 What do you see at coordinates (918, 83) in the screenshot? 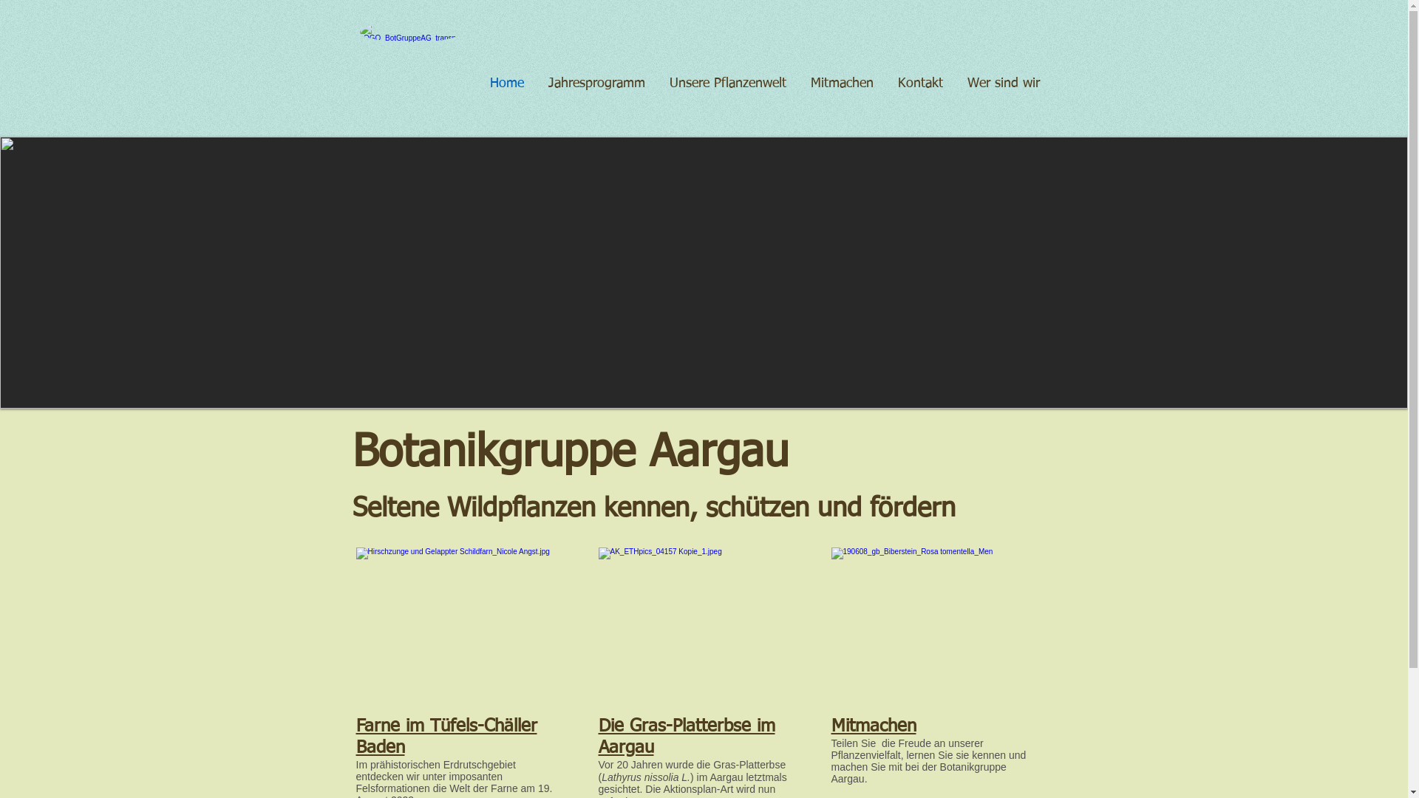
I see `'Kontakt'` at bounding box center [918, 83].